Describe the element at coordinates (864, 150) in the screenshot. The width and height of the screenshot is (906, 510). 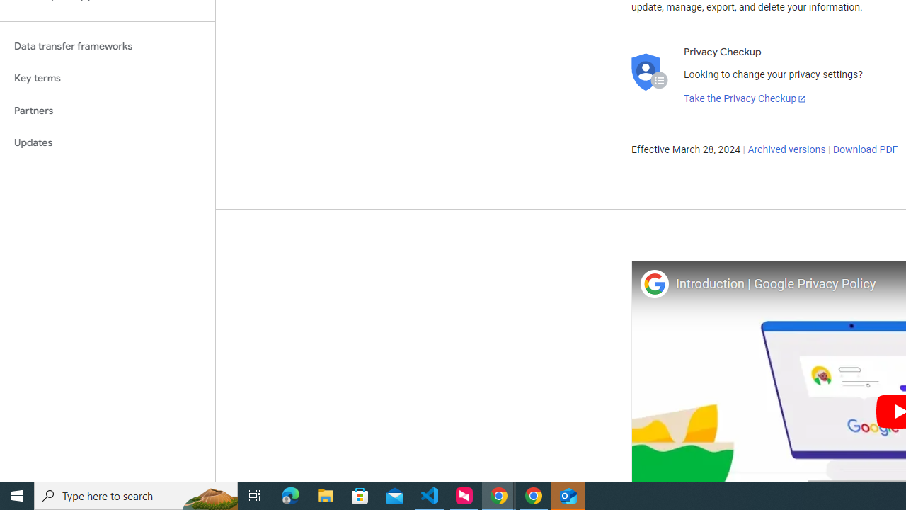
I see `'Download PDF'` at that location.